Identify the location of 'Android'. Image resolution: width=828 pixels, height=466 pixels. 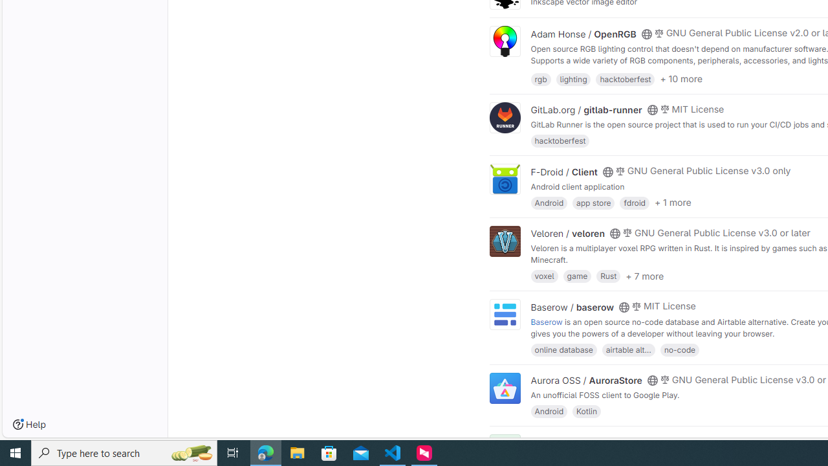
(549, 411).